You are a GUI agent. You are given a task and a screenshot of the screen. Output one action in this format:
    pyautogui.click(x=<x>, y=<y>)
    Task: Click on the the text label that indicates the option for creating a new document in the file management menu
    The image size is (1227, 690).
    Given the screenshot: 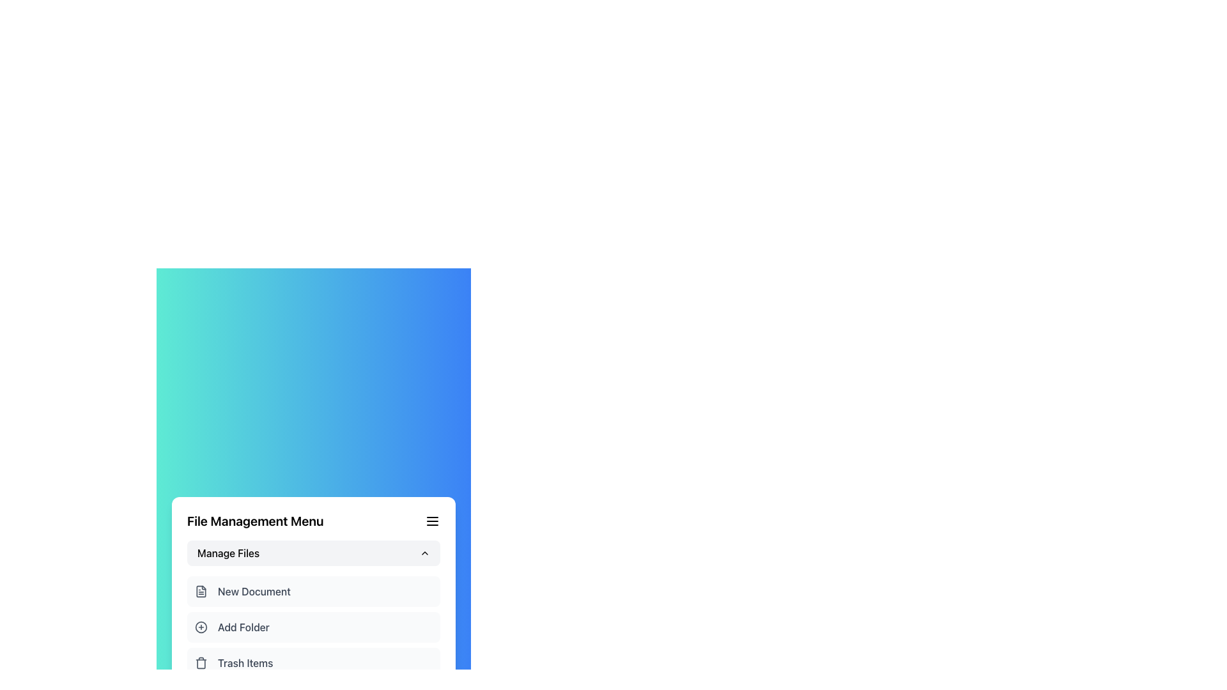 What is the action you would take?
    pyautogui.click(x=254, y=591)
    